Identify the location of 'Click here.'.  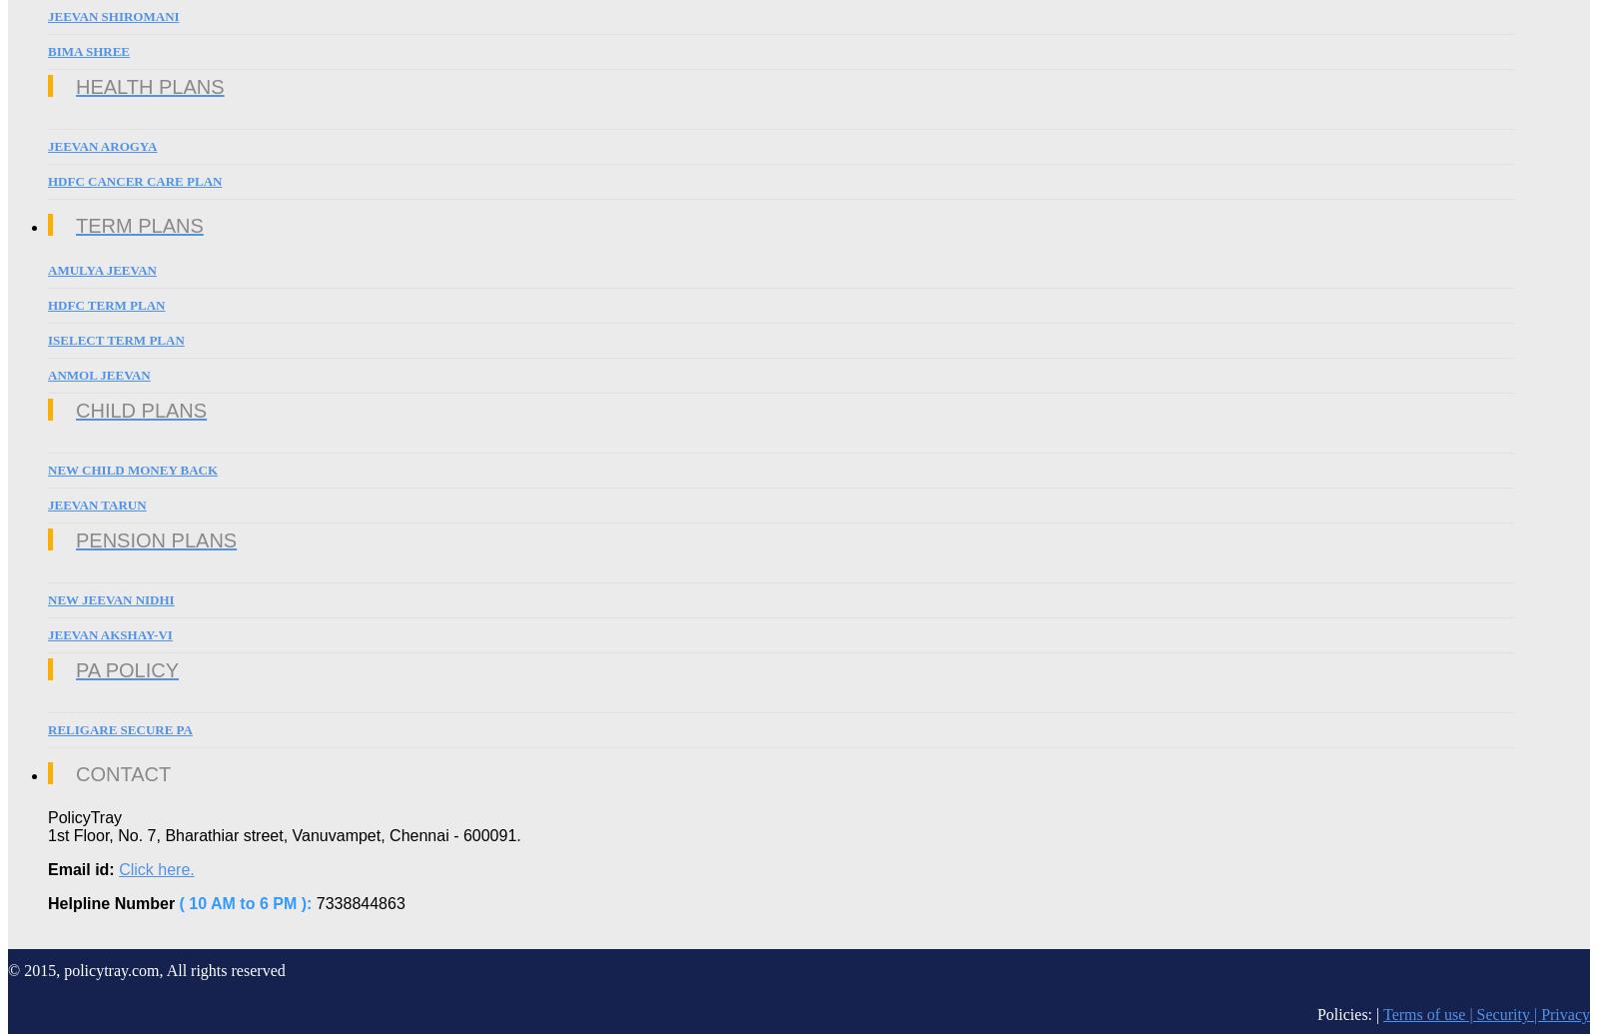
(118, 868).